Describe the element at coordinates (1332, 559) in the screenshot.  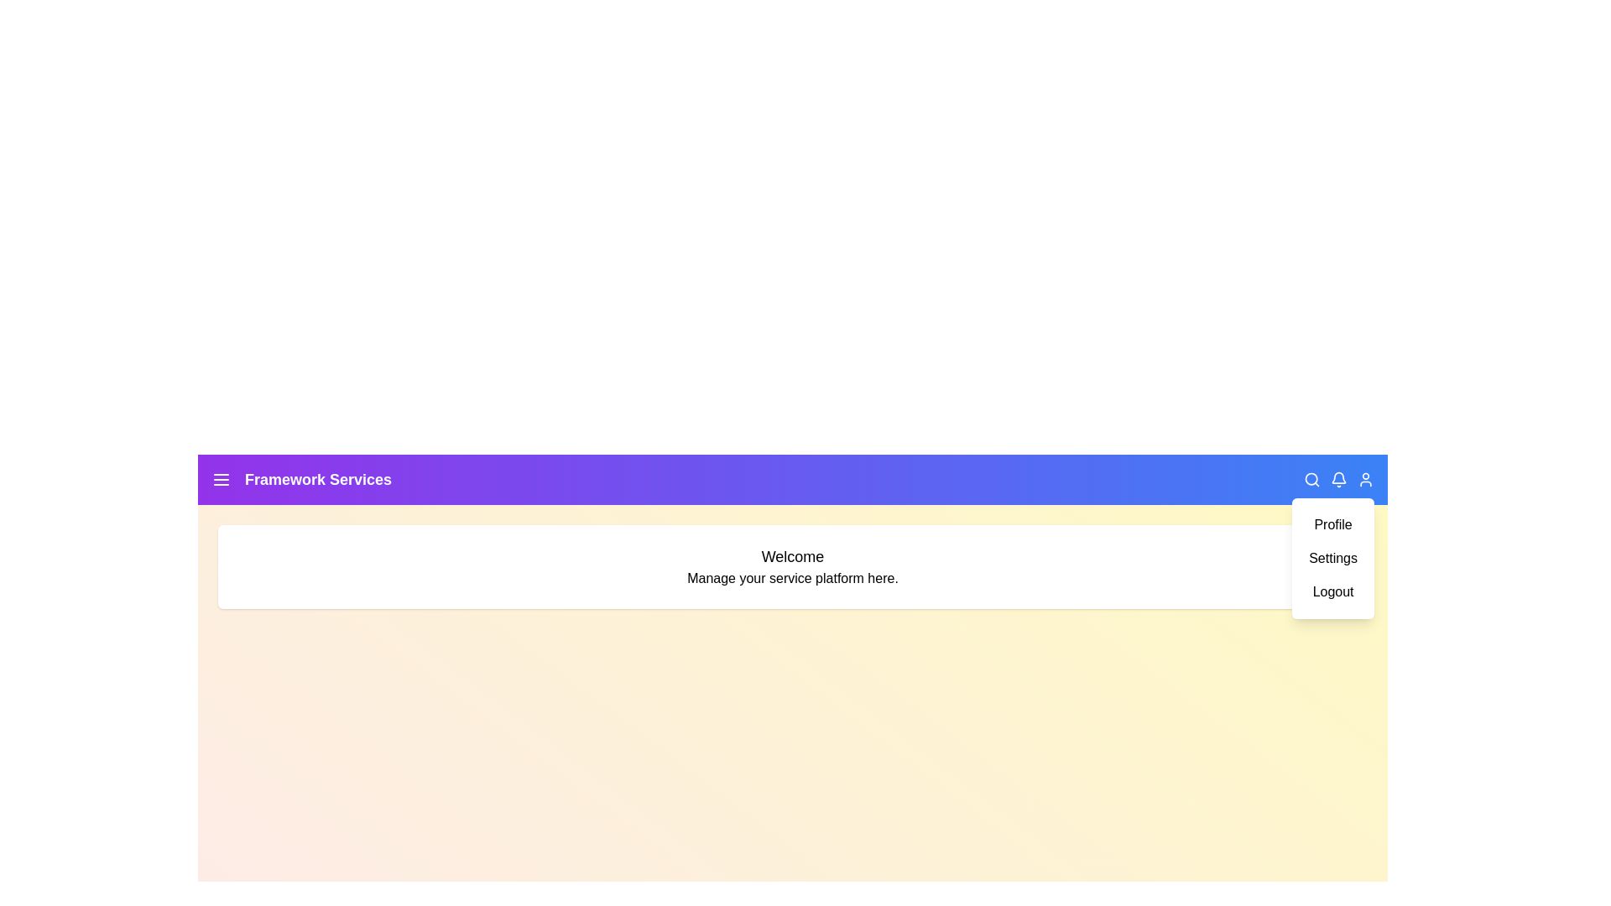
I see `the 'Settings' option in the user menu` at that location.